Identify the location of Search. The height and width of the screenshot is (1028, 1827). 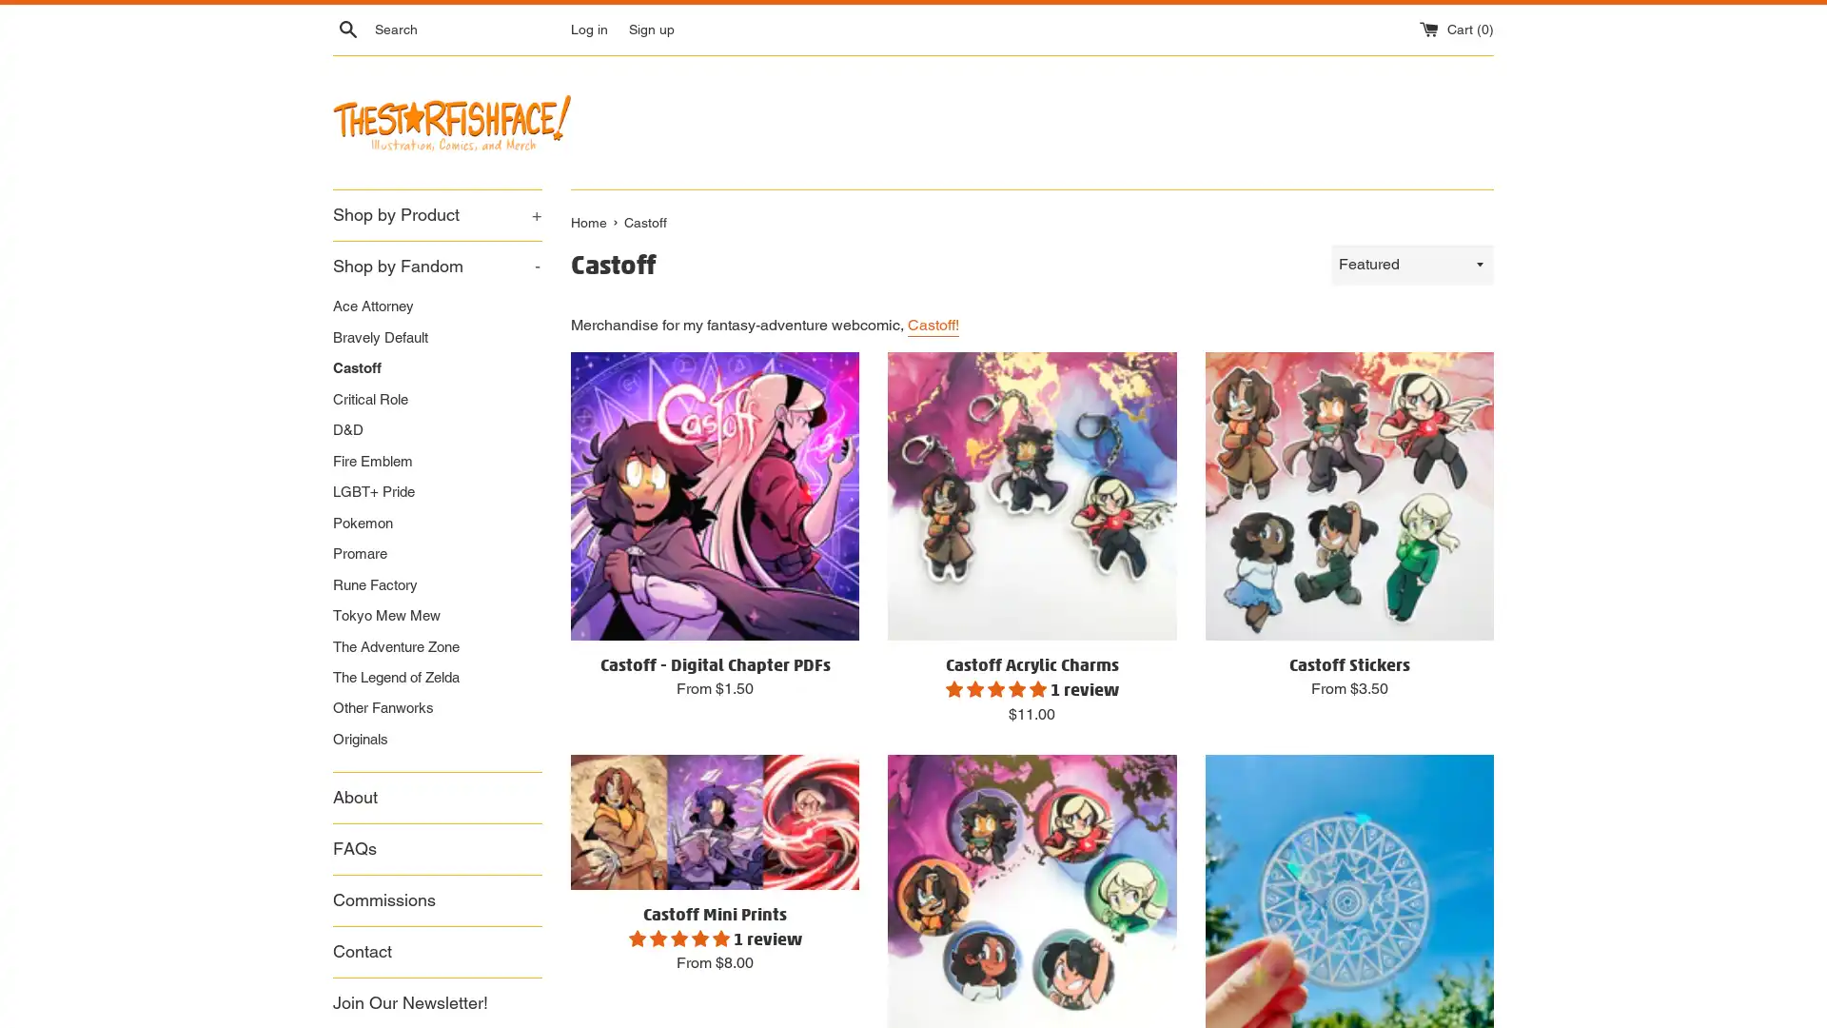
(347, 29).